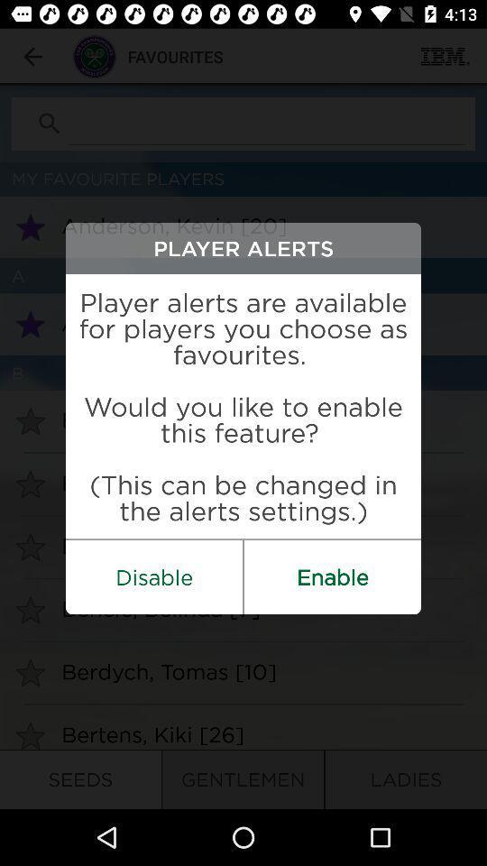 The height and width of the screenshot is (866, 487). I want to click on disable, so click(154, 576).